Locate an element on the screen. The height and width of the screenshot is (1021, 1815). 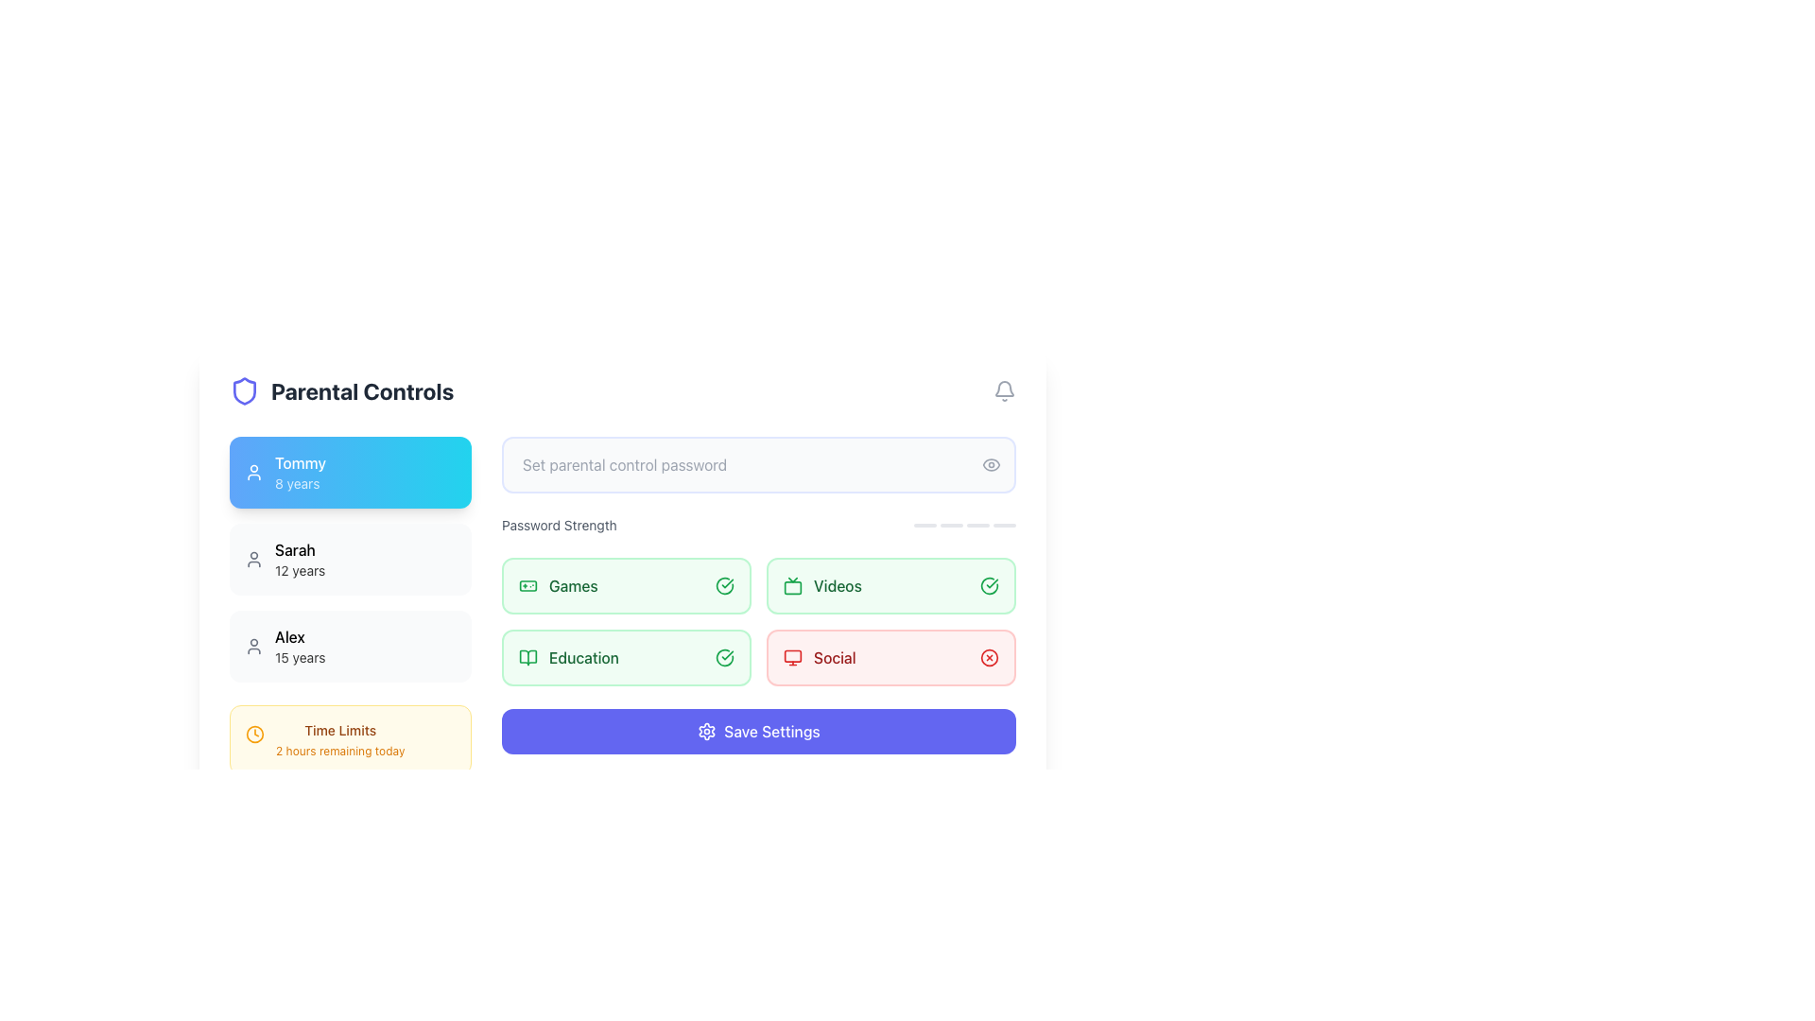
the 'Education' label in the parental control interface, which identifies the educational category and is located to the left of the 'Social' option is located at coordinates (583, 656).